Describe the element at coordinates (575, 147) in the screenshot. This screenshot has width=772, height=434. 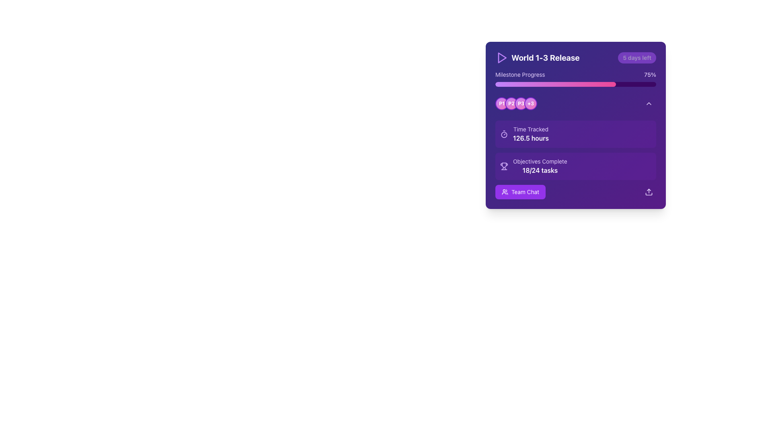
I see `text within the Informational card section titled 'World 1-3 Release', which displays project statistics such as 'Time Tracked' and 'Objectives Complete'` at that location.